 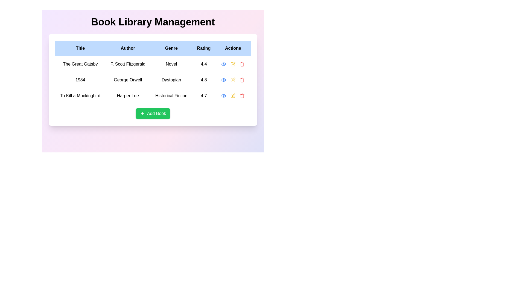 What do you see at coordinates (142, 113) in the screenshot?
I see `the icon that represents adding an item, located to the left of the 'Add Book' button text at the bottom center of the interface for accessibility tools` at bounding box center [142, 113].